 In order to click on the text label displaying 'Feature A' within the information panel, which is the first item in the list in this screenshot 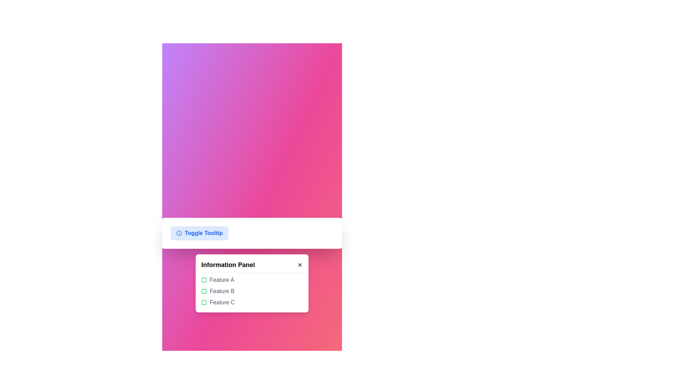, I will do `click(221, 279)`.